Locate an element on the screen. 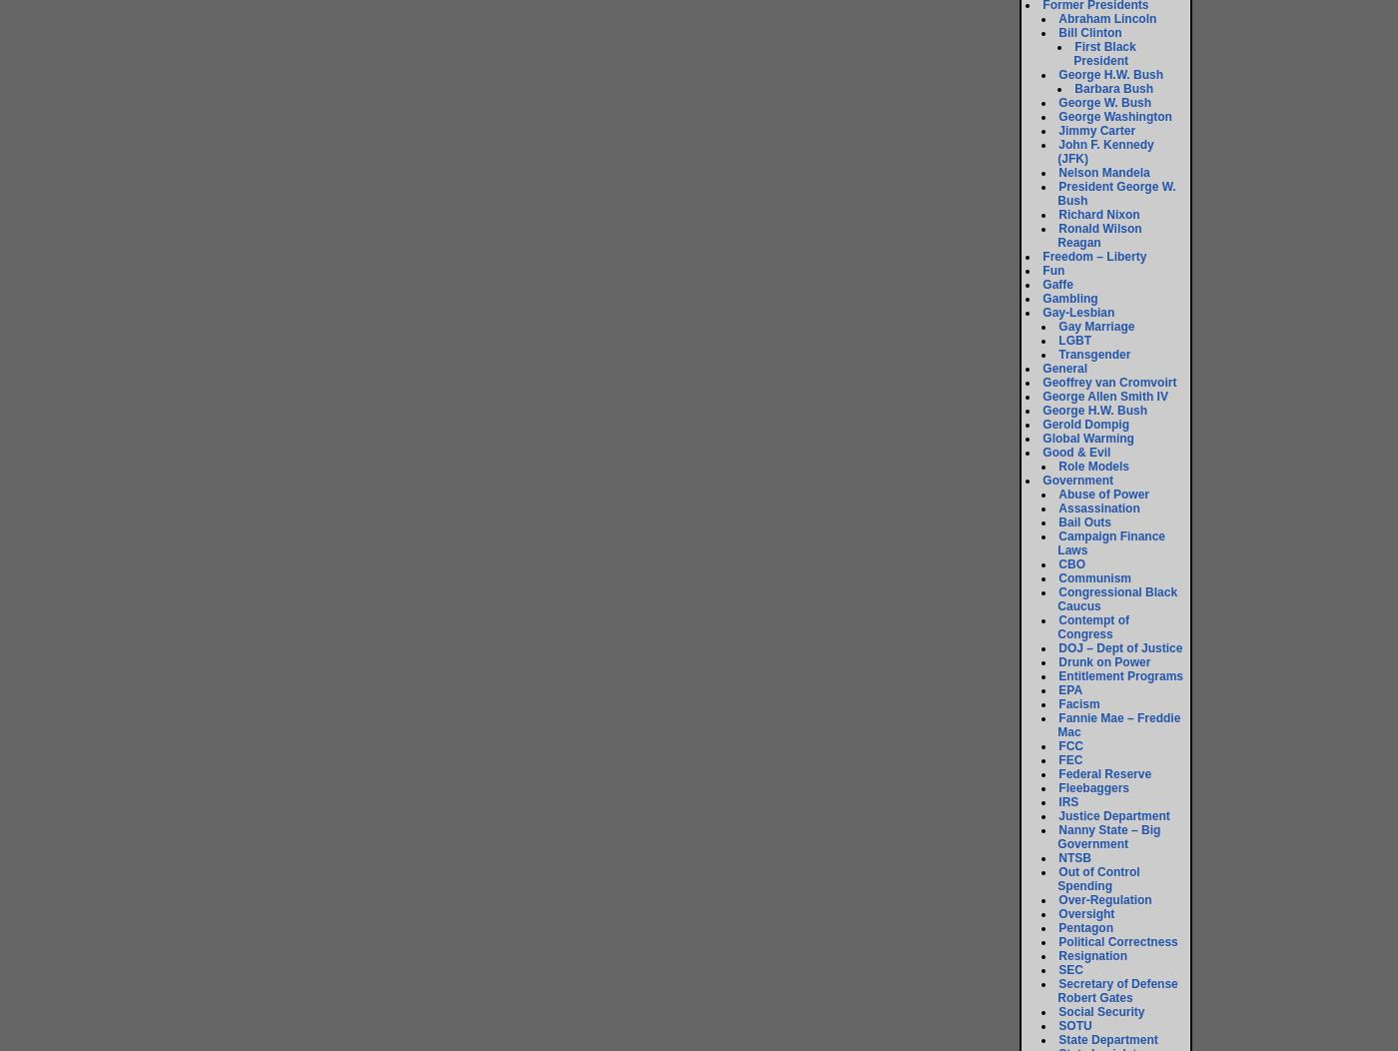 The width and height of the screenshot is (1398, 1051). 'Justice Department' is located at coordinates (1113, 815).